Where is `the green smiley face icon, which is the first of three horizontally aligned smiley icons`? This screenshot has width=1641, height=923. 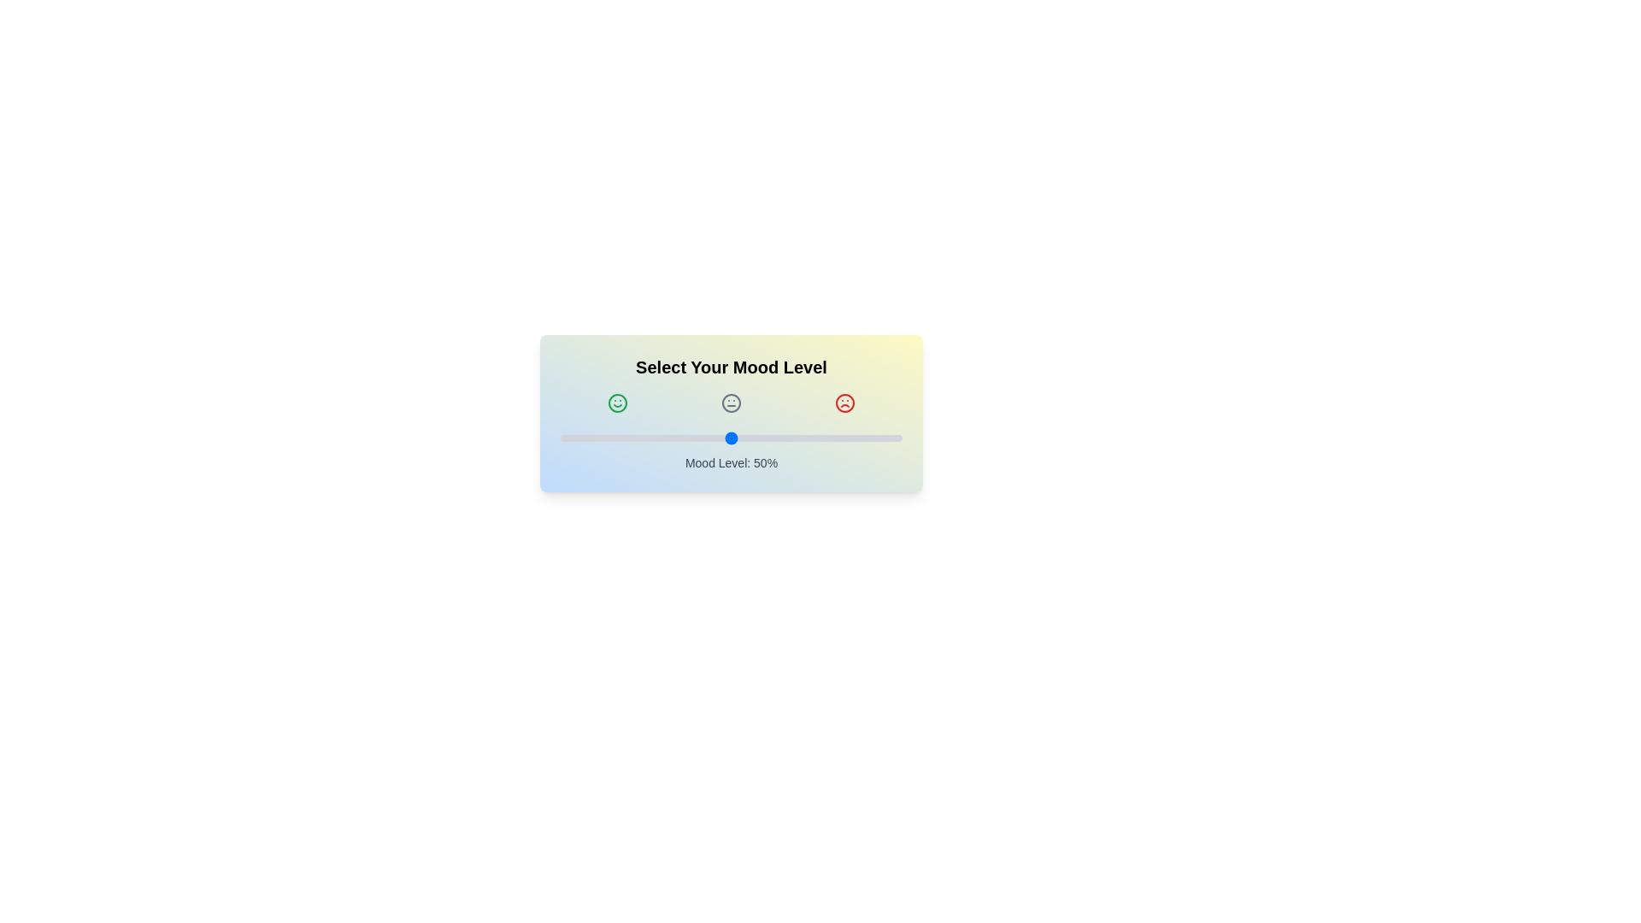
the green smiley face icon, which is the first of three horizontally aligned smiley icons is located at coordinates (616, 403).